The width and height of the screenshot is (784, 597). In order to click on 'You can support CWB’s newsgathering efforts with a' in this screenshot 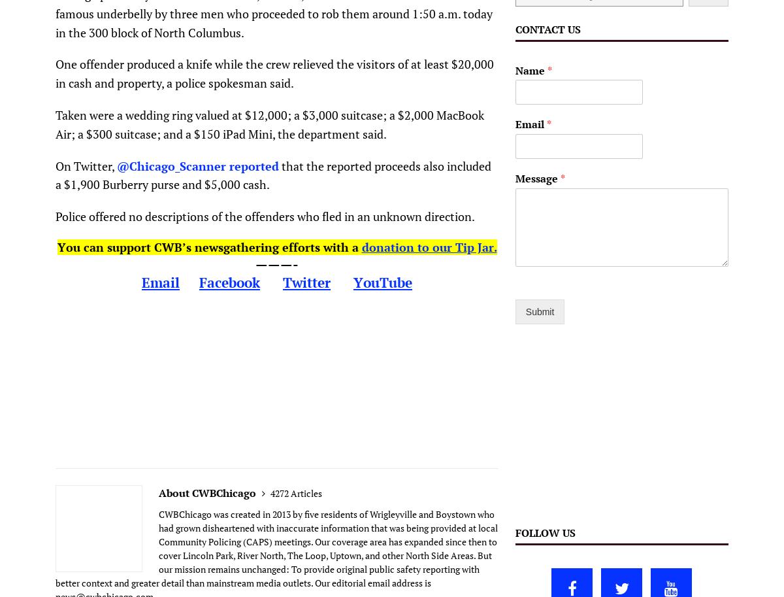, I will do `click(209, 245)`.